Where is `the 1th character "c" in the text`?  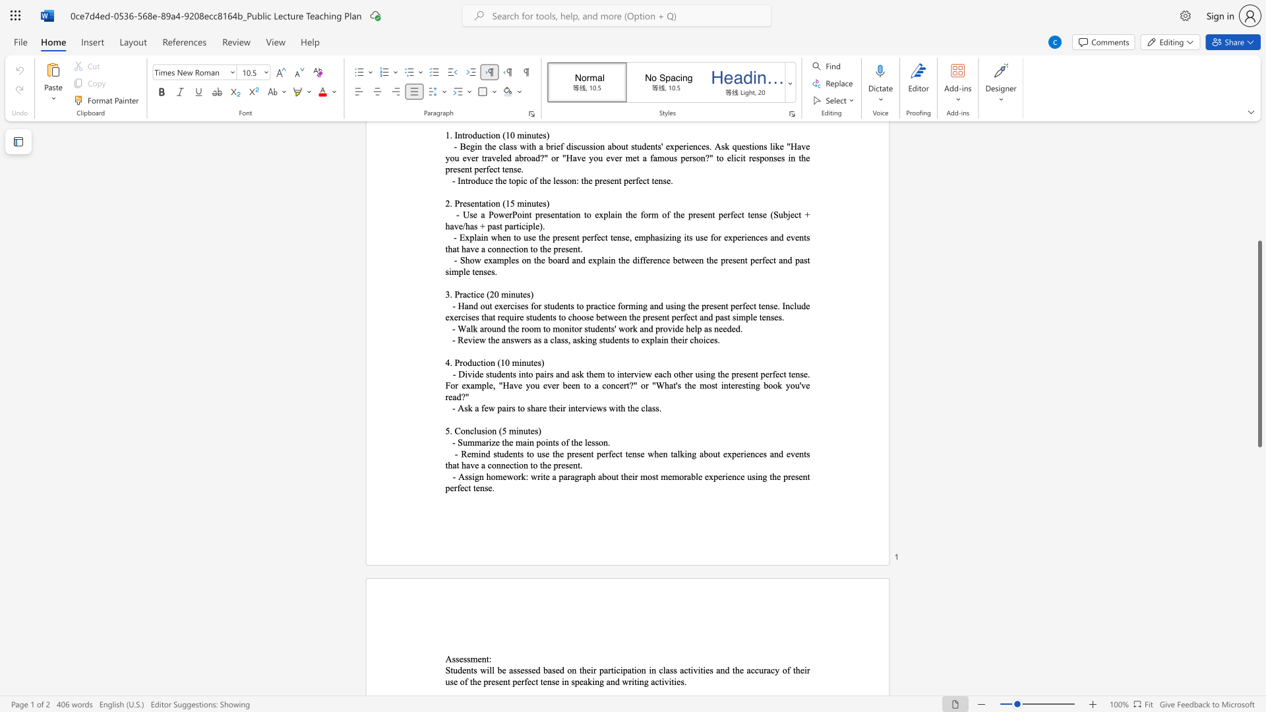
the 1th character "c" in the text is located at coordinates (738, 477).